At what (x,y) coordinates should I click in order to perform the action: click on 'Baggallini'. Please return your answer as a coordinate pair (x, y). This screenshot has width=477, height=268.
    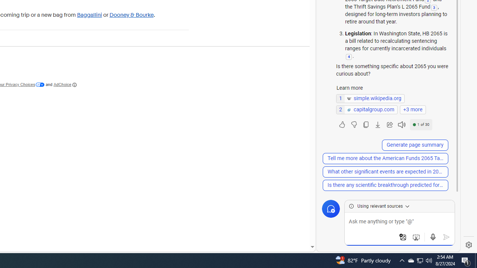
    Looking at the image, I should click on (89, 15).